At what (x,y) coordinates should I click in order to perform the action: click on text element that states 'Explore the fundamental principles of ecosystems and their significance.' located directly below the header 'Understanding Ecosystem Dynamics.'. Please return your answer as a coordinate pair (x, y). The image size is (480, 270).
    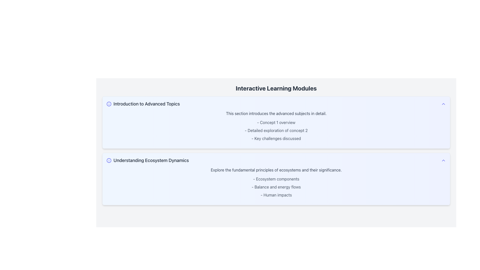
    Looking at the image, I should click on (276, 169).